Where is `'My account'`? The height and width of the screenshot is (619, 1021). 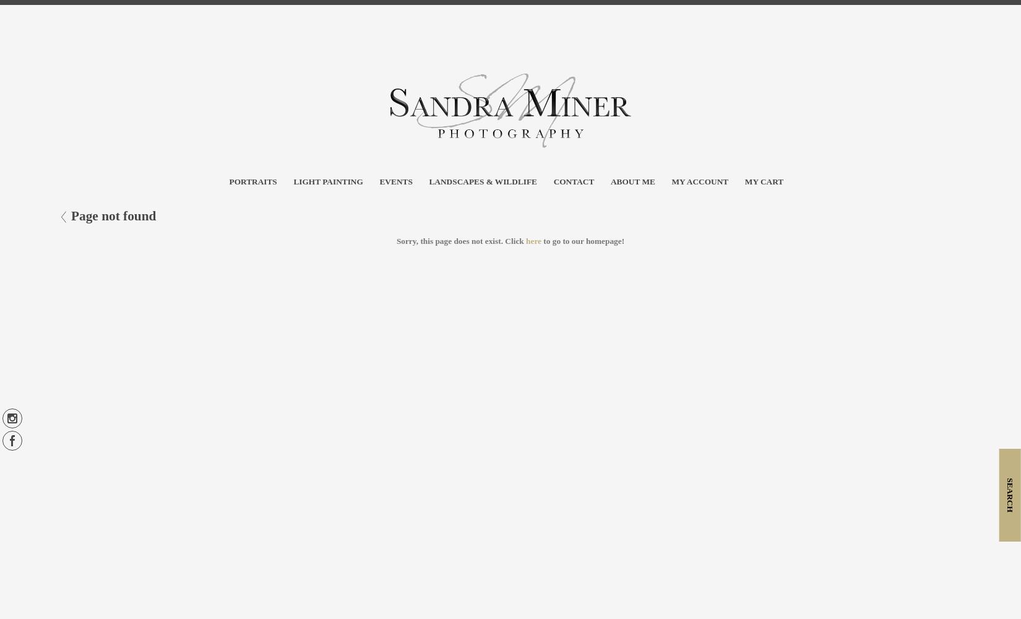 'My account' is located at coordinates (700, 181).